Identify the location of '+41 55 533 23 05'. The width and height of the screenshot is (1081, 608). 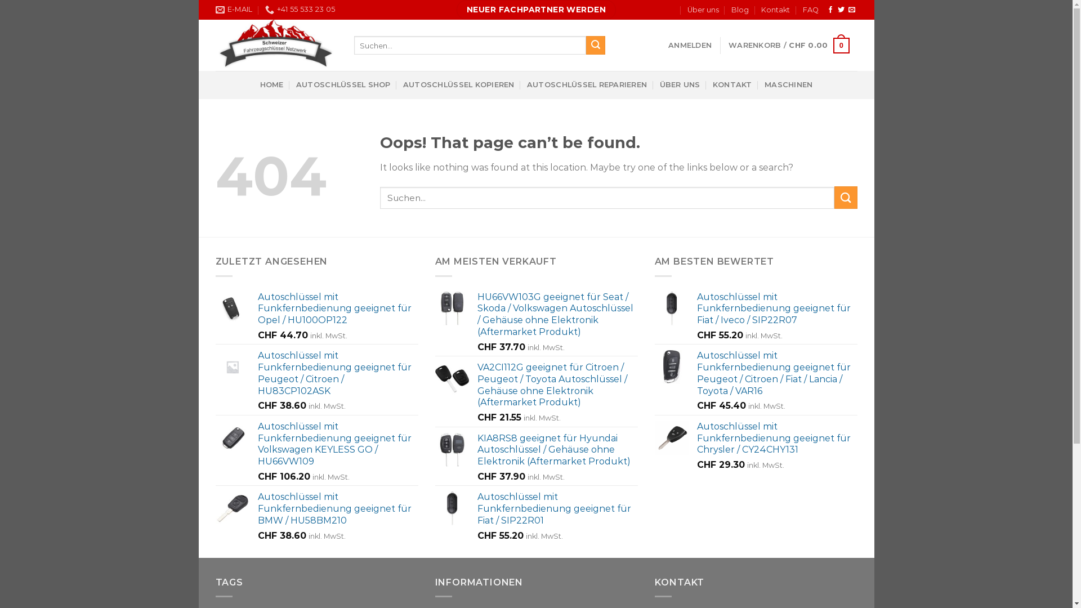
(264, 9).